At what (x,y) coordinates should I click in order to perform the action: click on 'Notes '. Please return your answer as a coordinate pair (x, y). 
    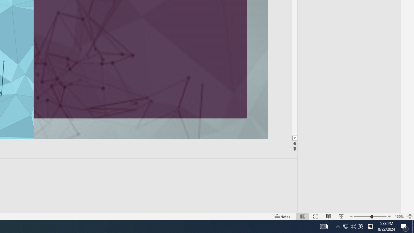
    Looking at the image, I should click on (283, 216).